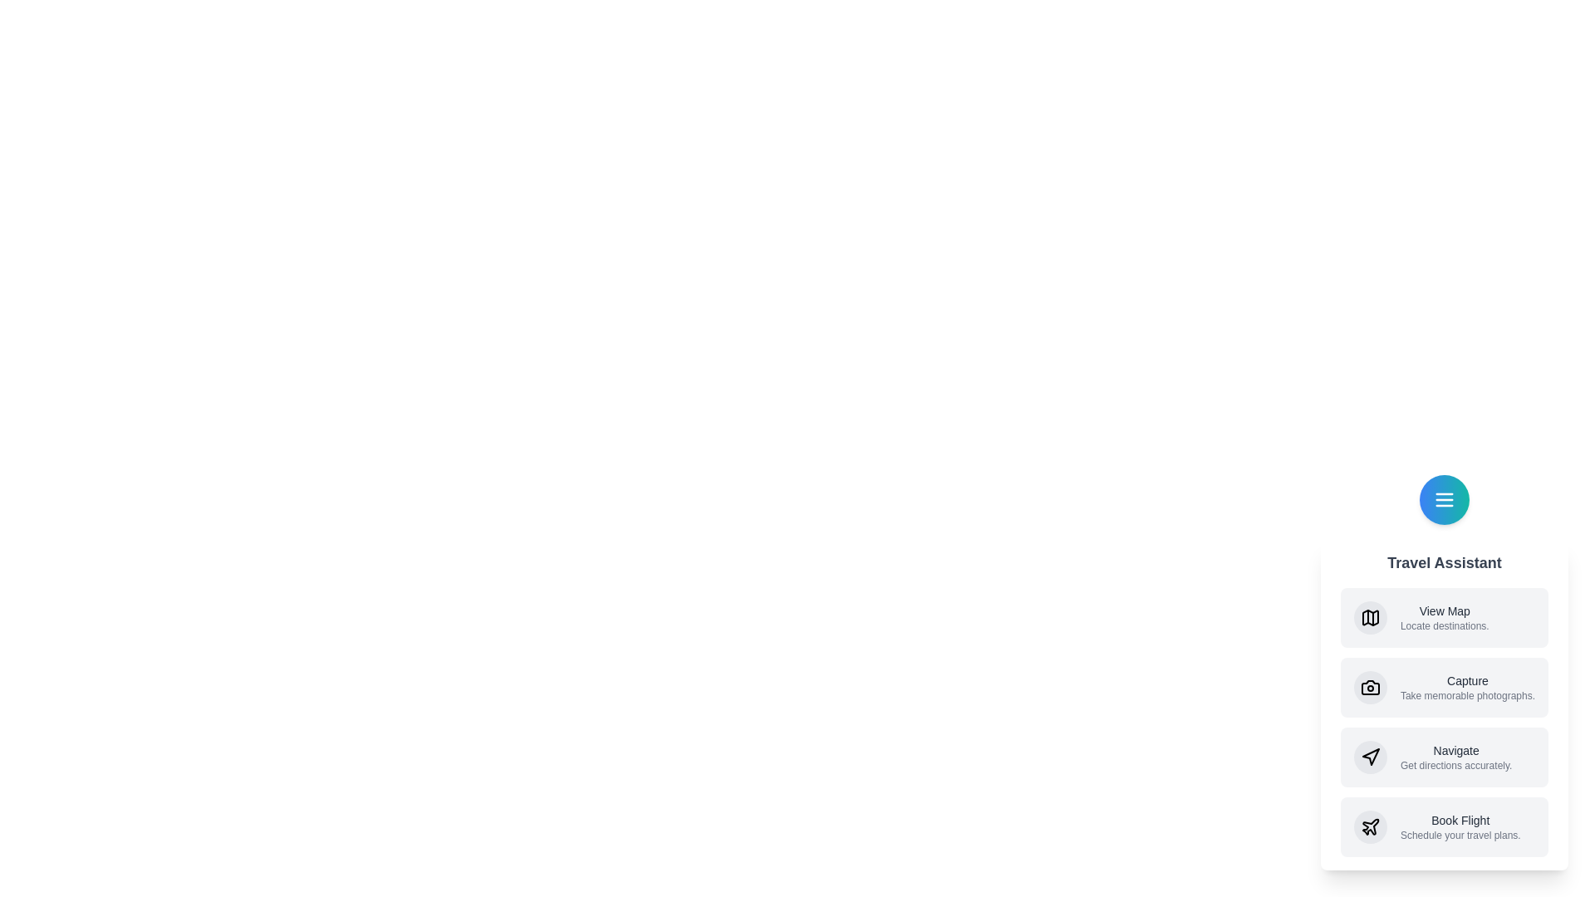  I want to click on the floating action menu button to toggle its state, so click(1443, 498).